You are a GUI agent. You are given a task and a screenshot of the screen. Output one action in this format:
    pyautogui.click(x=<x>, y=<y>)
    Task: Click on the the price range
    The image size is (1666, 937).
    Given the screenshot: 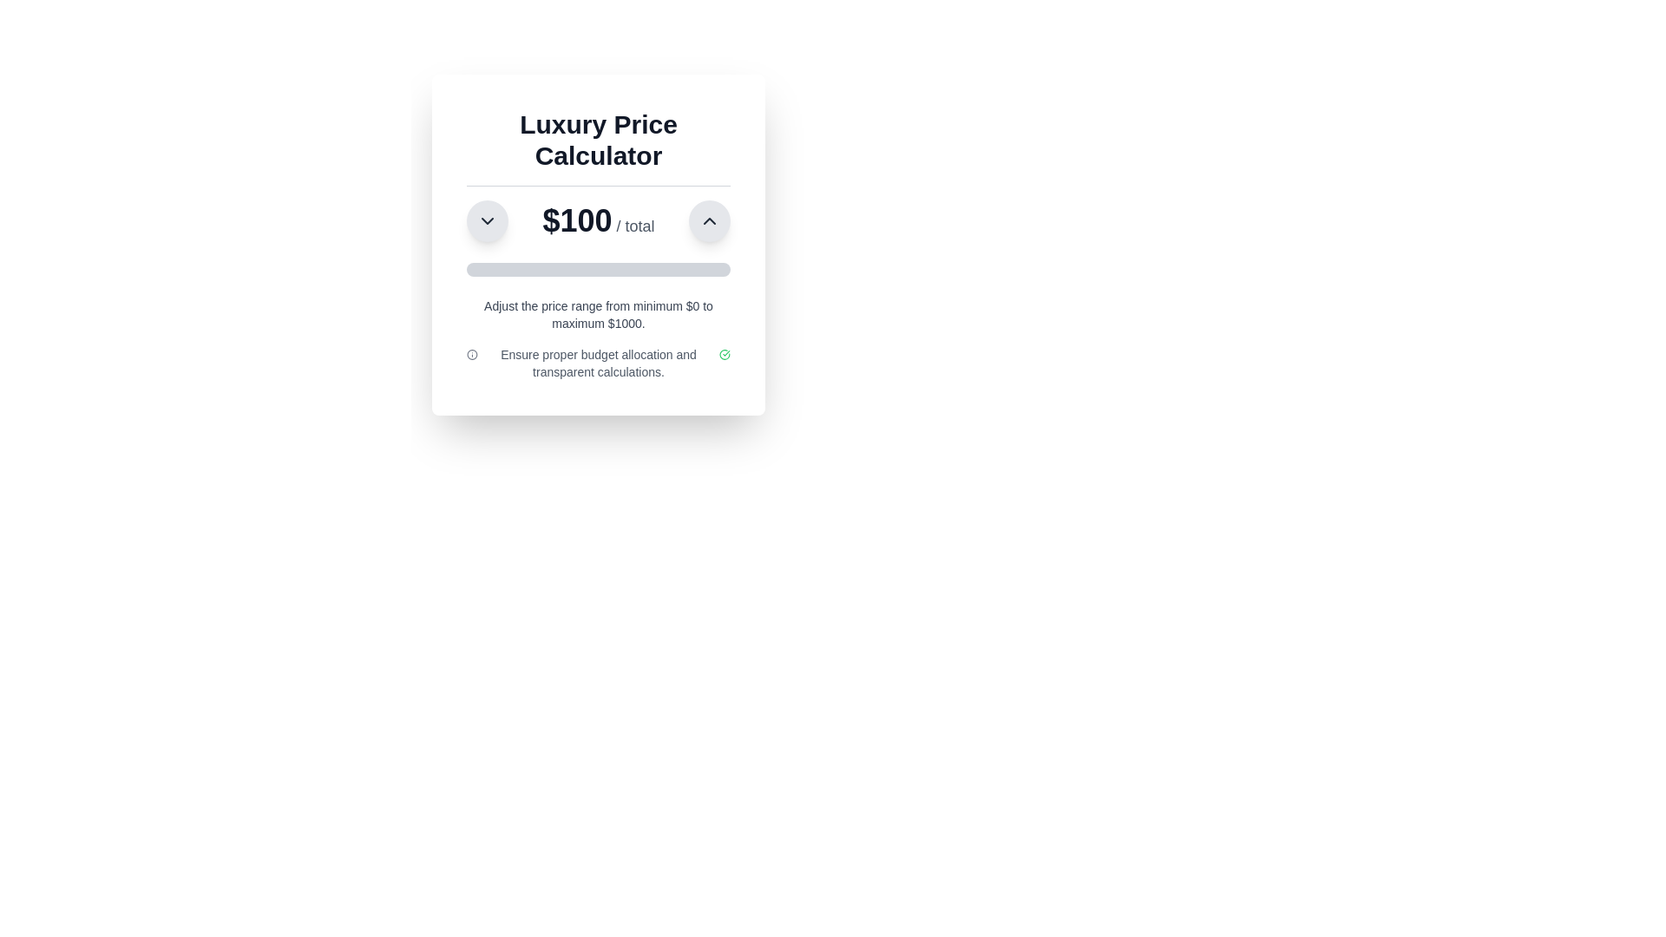 What is the action you would take?
    pyautogui.click(x=620, y=270)
    